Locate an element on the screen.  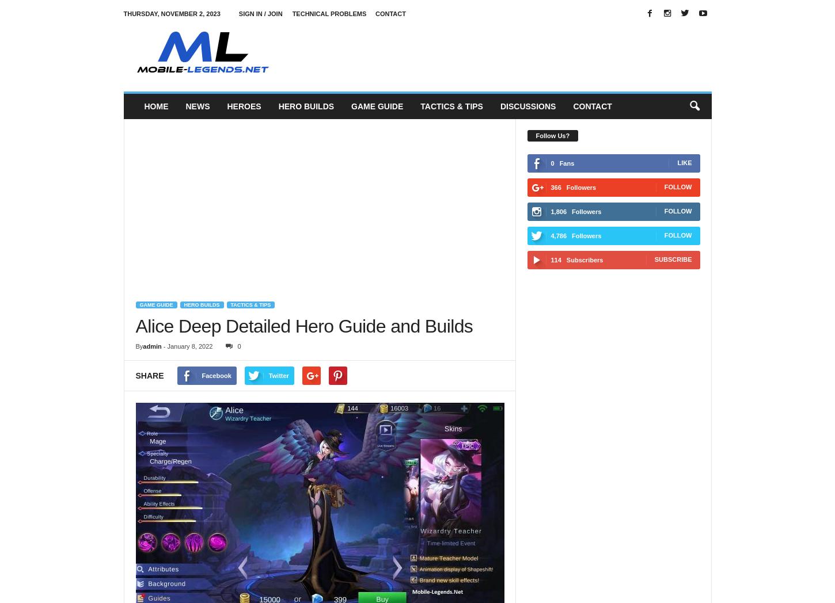
'Twitter' is located at coordinates (280, 375).